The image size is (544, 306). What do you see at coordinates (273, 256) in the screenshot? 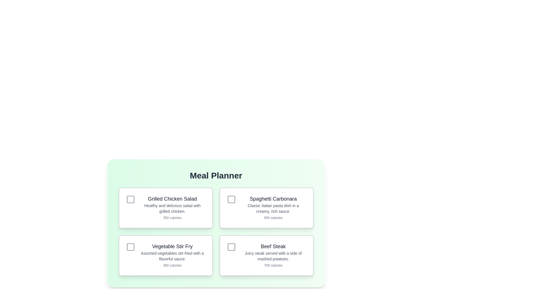
I see `the Text display card that contains information about 'Beef Steak', which is the fourth card in a 2x2 grid layout located in the bottom-right corner` at bounding box center [273, 256].